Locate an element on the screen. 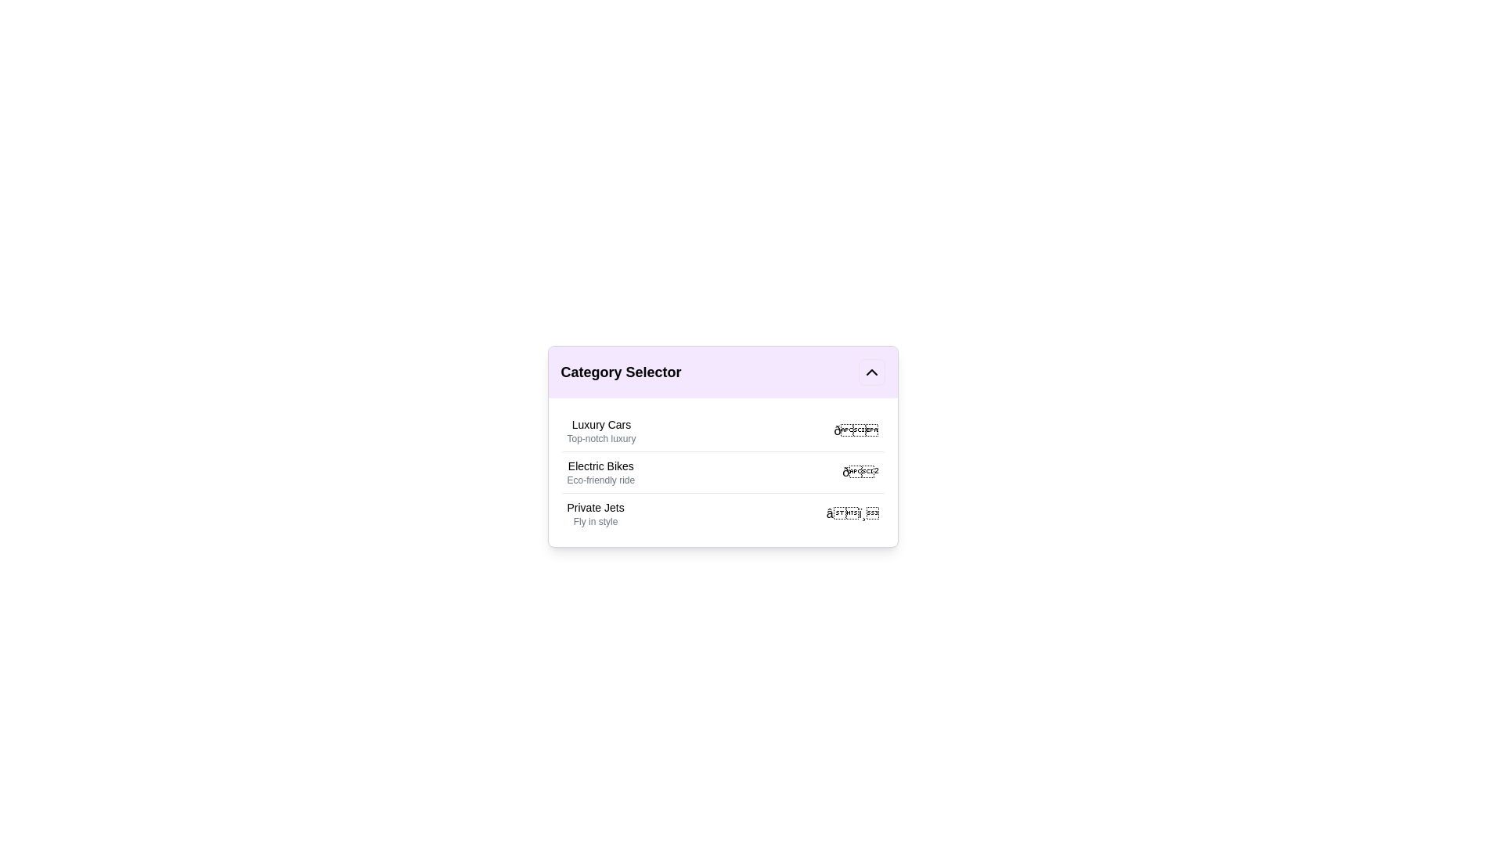  the list item displaying 'Luxury Cars' is located at coordinates (600, 431).